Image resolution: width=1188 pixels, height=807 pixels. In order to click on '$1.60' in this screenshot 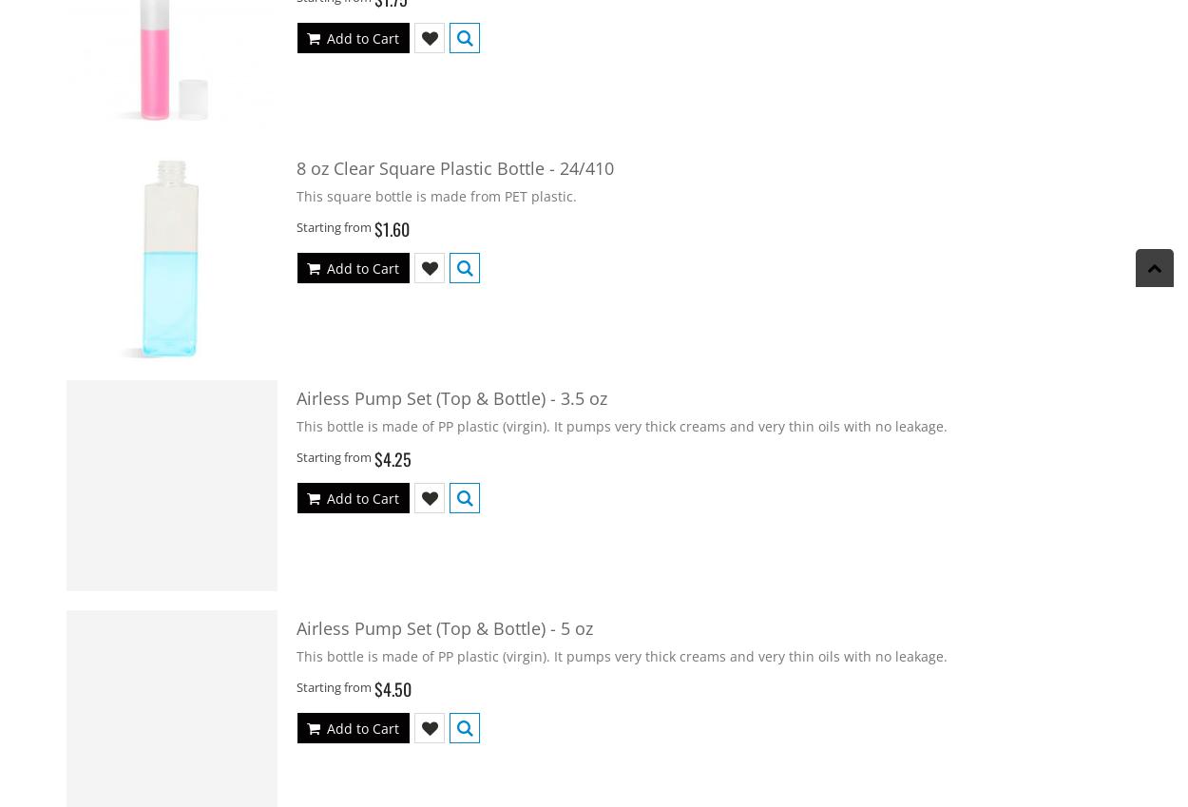, I will do `click(392, 228)`.